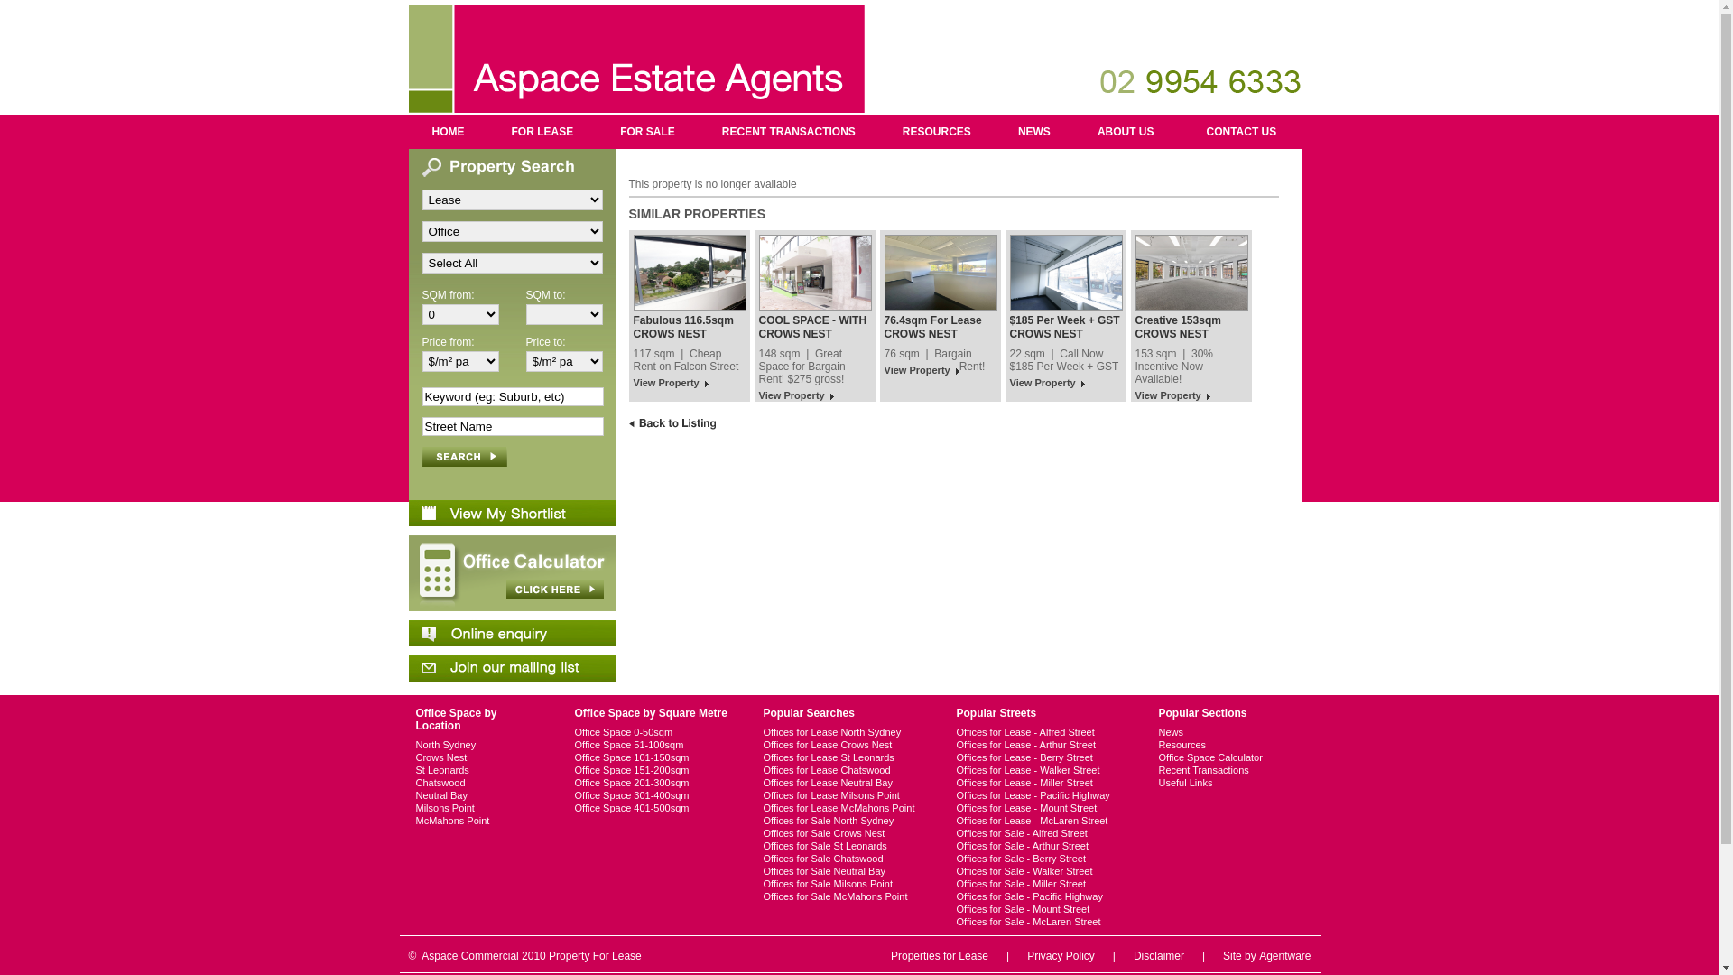 The height and width of the screenshot is (975, 1733). I want to click on 'FOR SALE', so click(647, 131).